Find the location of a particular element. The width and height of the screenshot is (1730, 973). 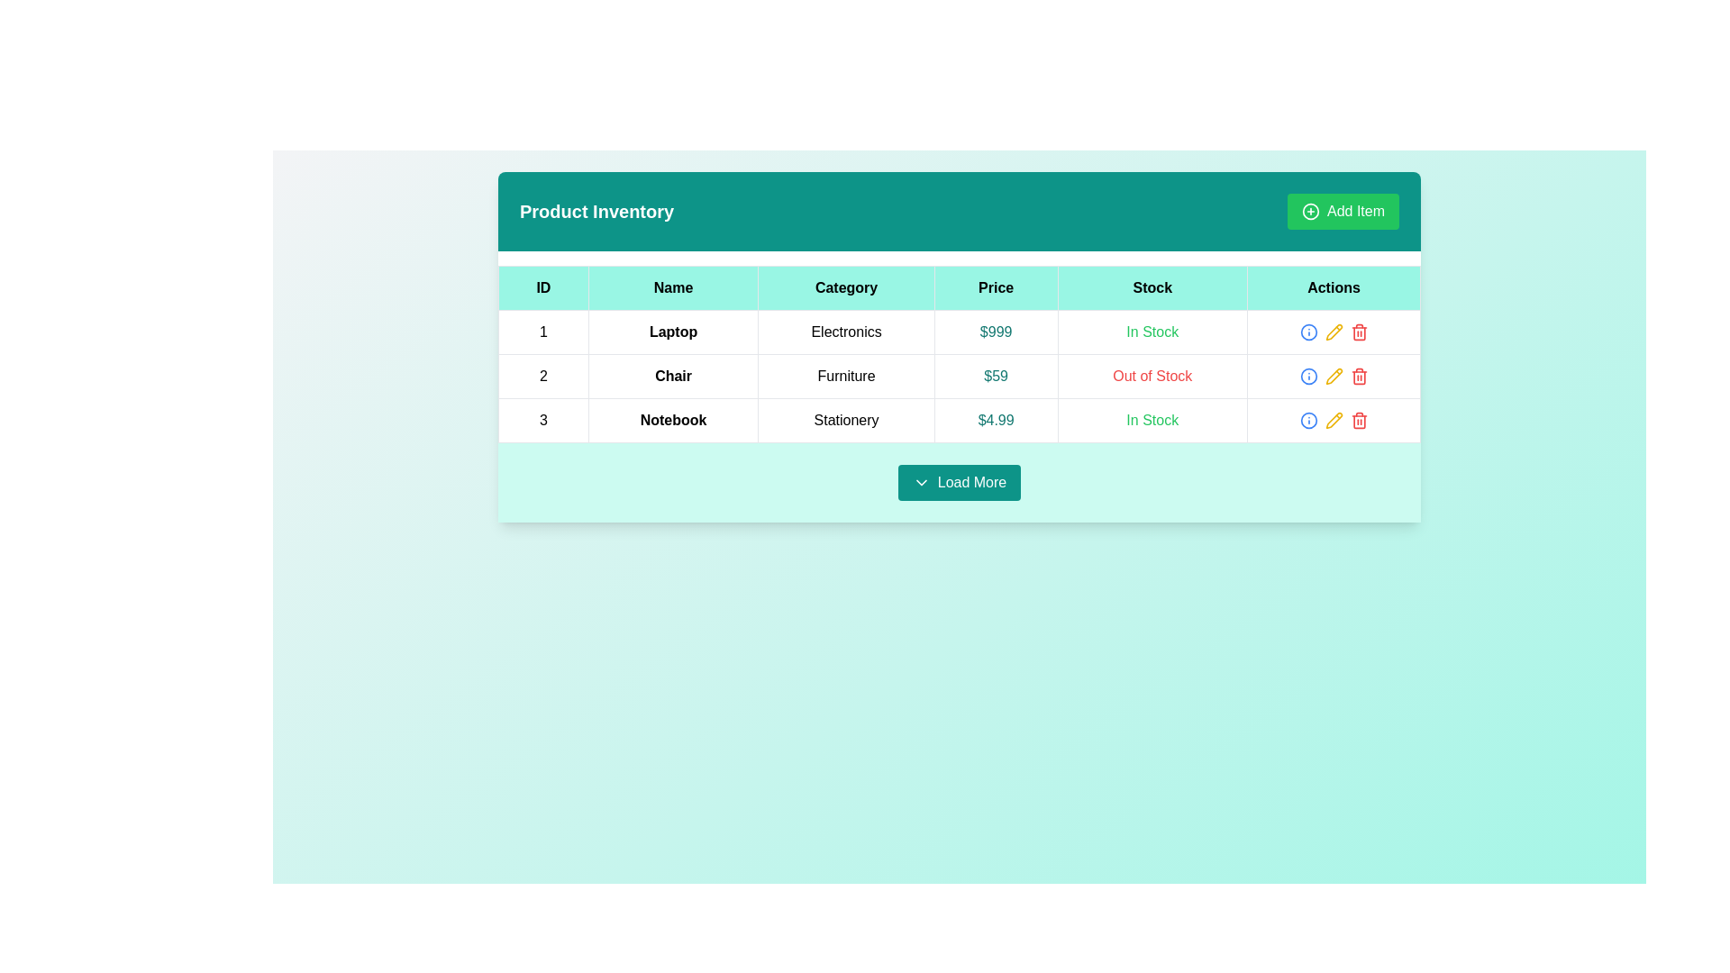

the clickable icon located in the 'Actions' column of the last row in the table to initiate a delete action is located at coordinates (1359, 420).